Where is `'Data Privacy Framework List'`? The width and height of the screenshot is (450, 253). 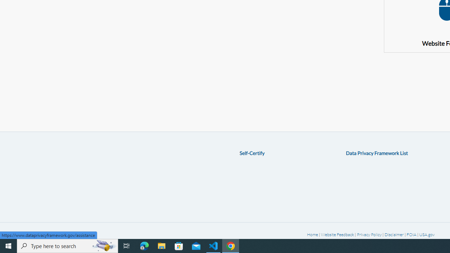
'Data Privacy Framework List' is located at coordinates (377, 153).